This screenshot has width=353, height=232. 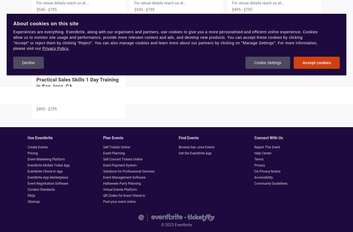 I want to click on 'Privacy', so click(x=259, y=165).